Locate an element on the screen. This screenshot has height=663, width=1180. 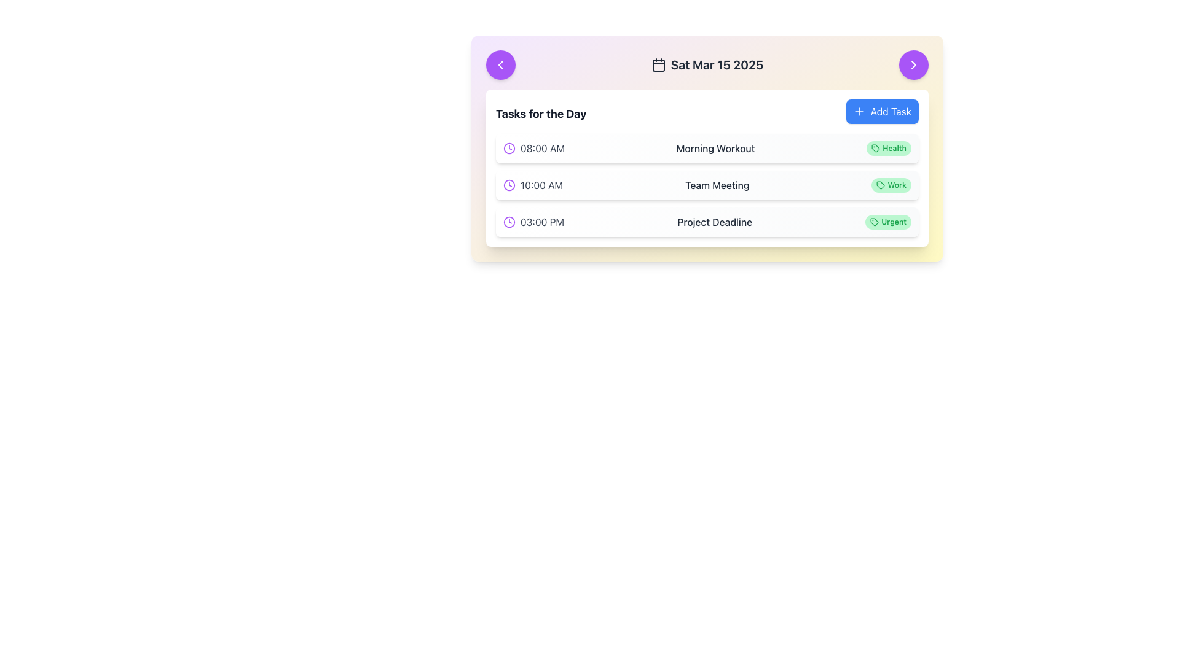
the calendar icon located to the left of the text 'Sat Mar 15 2025' in the header of the 'Tasks for the Day' panel is located at coordinates (658, 64).